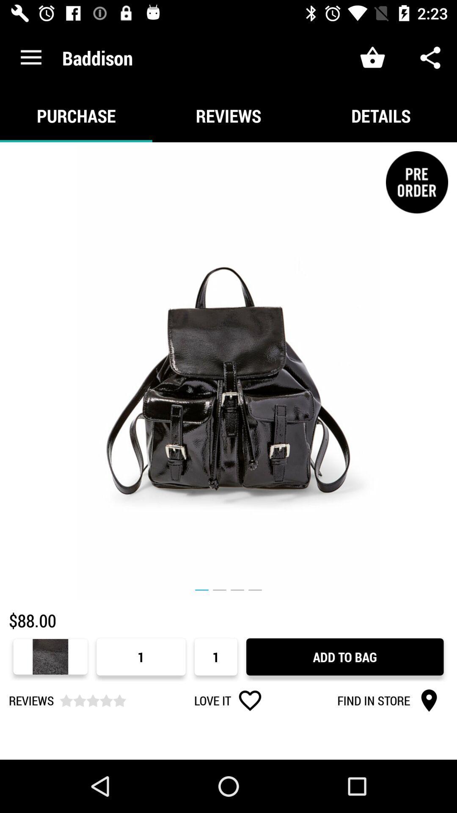  I want to click on icon next to baddison item, so click(30, 57).